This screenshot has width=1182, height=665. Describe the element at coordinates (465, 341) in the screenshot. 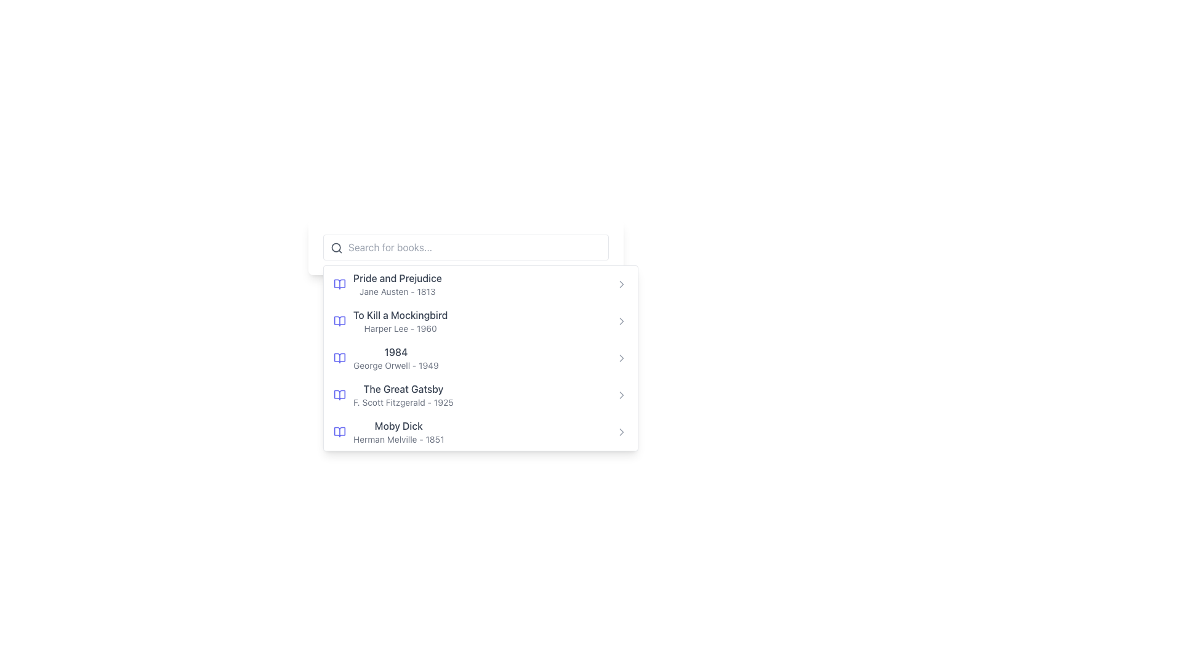

I see `the third item in the dropdown menu under the input search box labeled 'Search for books...'` at that location.